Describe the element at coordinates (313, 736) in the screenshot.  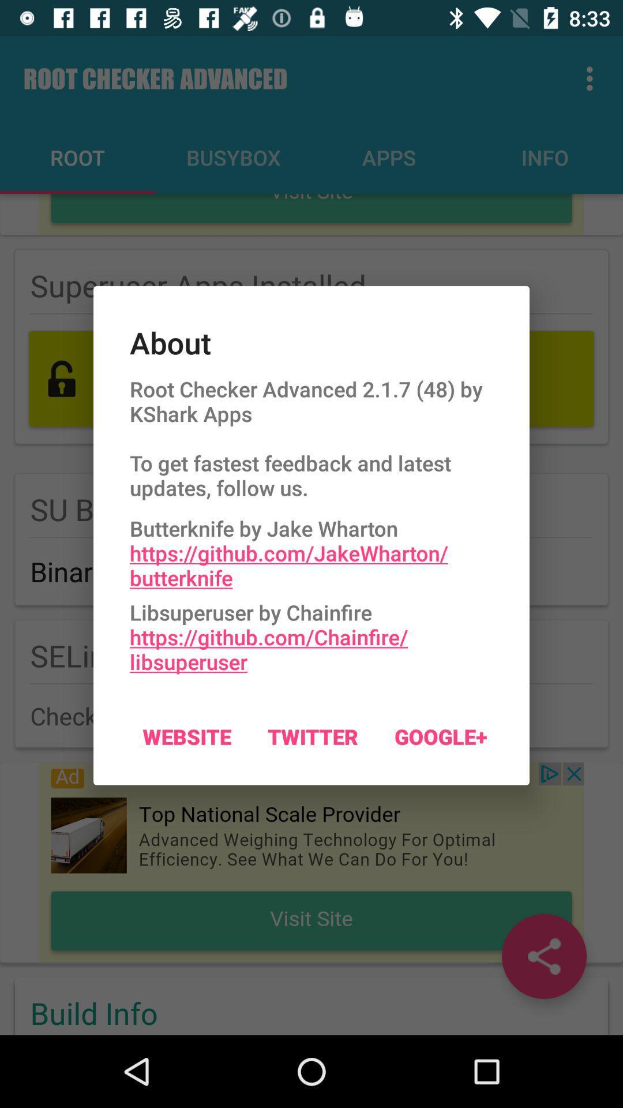
I see `icon next to website icon` at that location.